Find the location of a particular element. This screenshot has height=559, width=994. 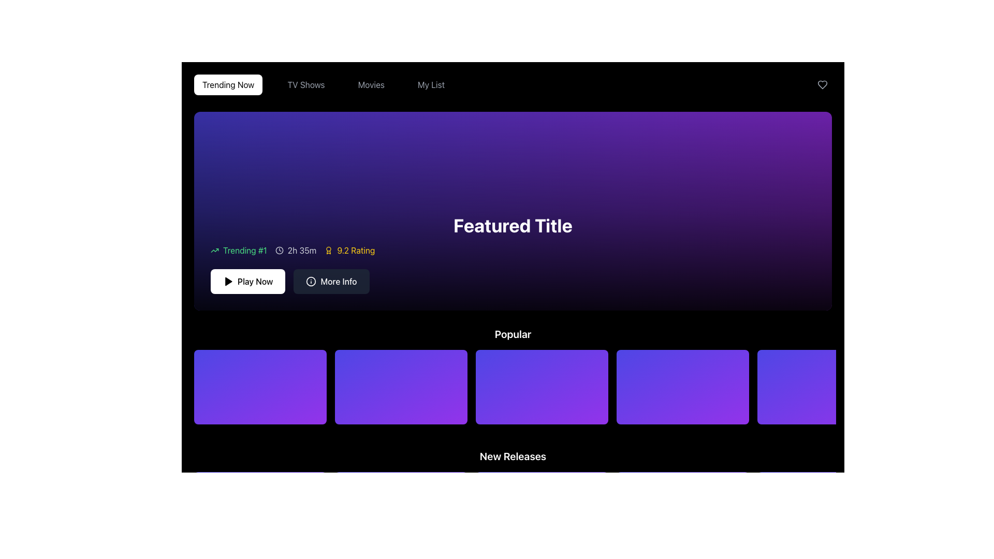

the 'New Releases' header text, which is styled in bold white font against a dark background, to trigger possible tooltips is located at coordinates (513, 456).